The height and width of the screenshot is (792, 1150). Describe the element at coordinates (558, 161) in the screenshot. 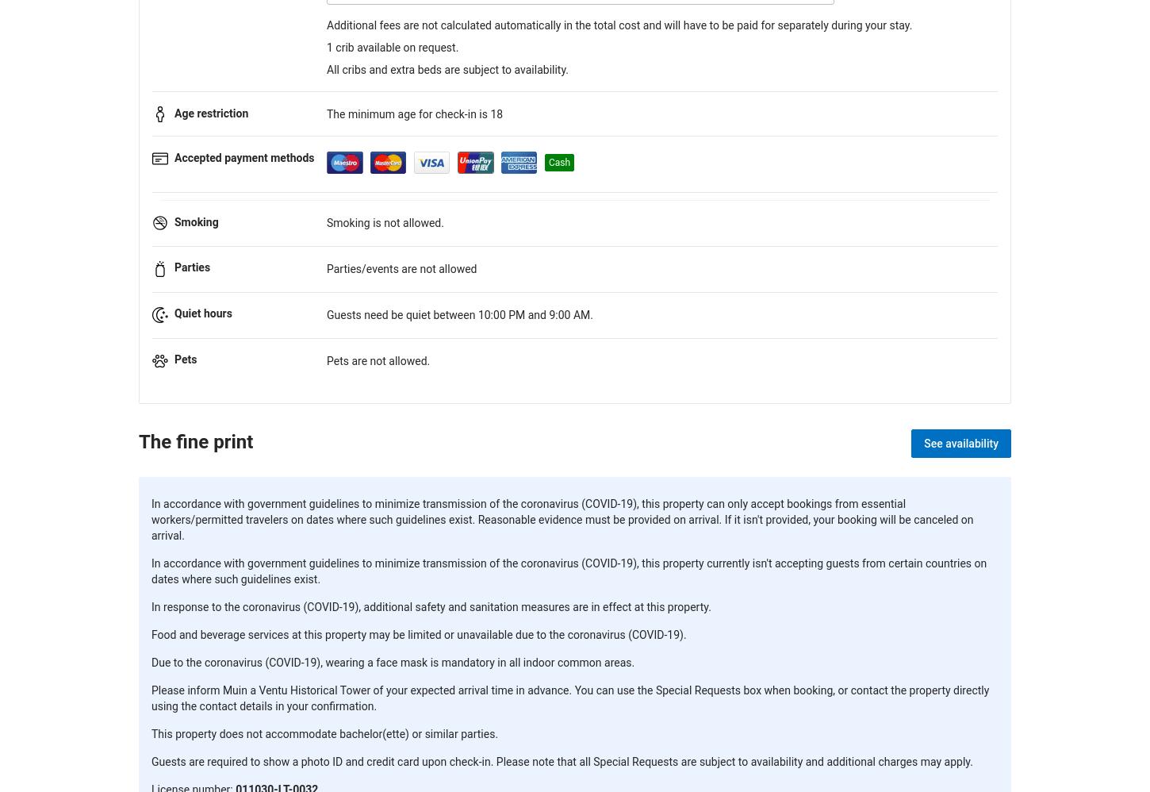

I see `'Cash'` at that location.